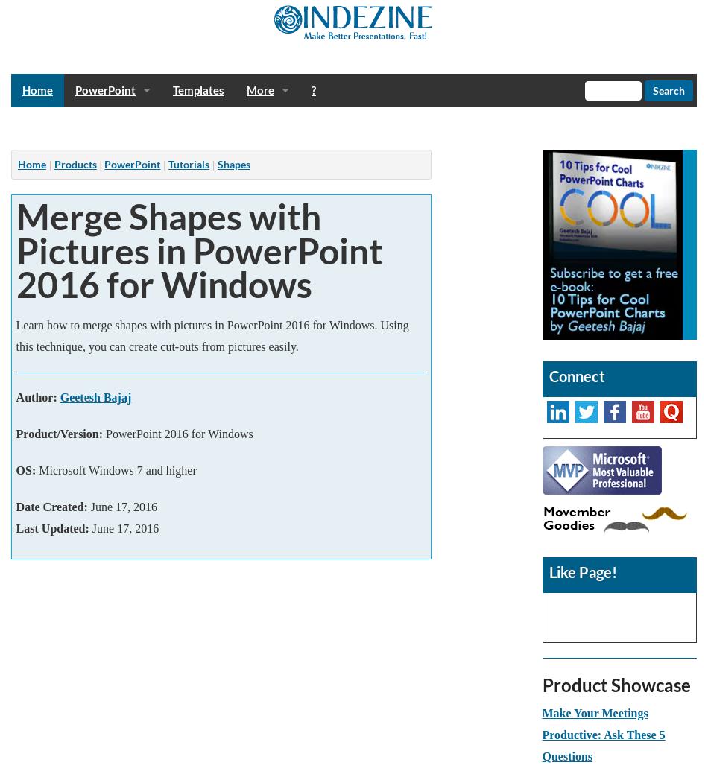 The width and height of the screenshot is (708, 783). Describe the element at coordinates (233, 164) in the screenshot. I see `'Shapes'` at that location.